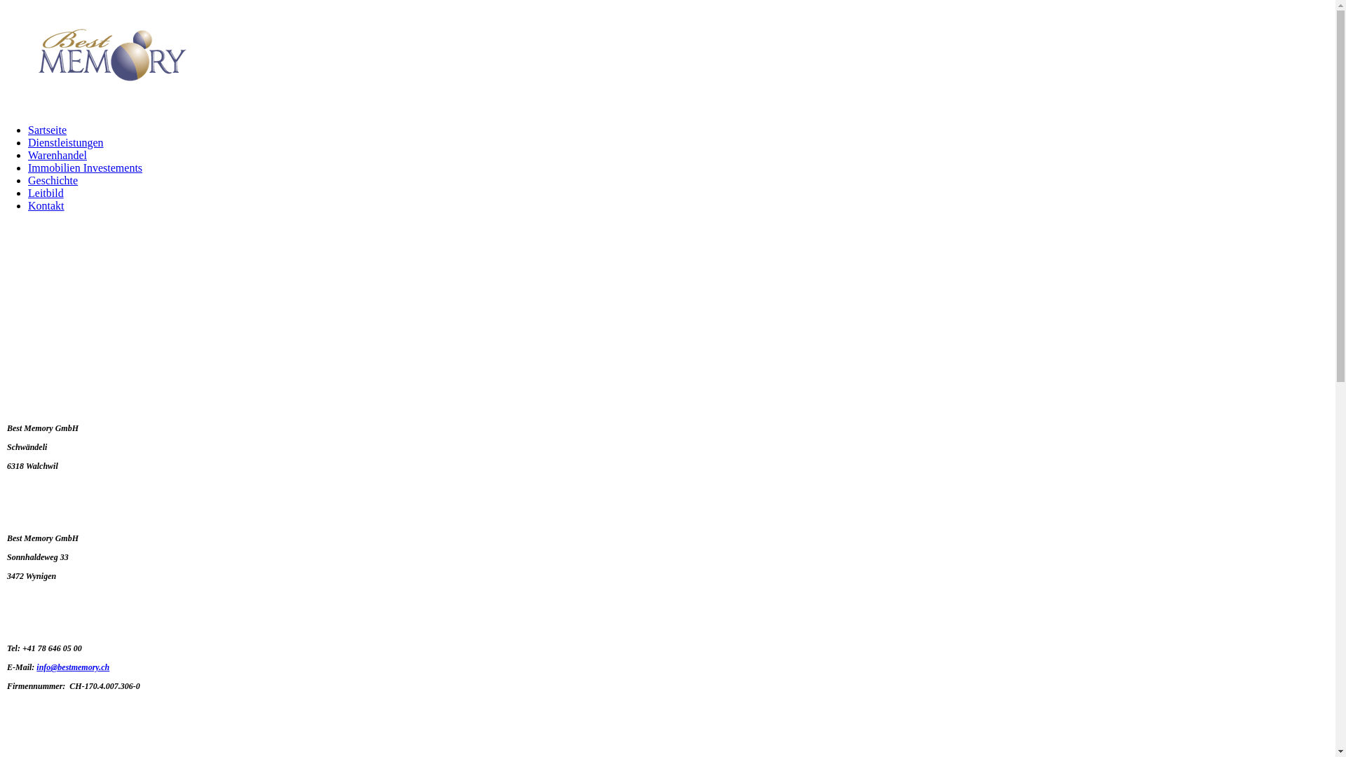 The image size is (1346, 757). What do you see at coordinates (36, 667) in the screenshot?
I see `'info@bestmemory.ch'` at bounding box center [36, 667].